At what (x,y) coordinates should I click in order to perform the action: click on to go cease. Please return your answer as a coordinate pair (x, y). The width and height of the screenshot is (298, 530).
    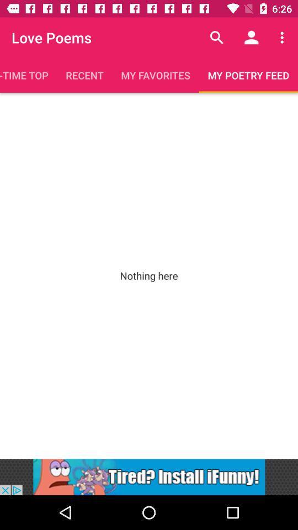
    Looking at the image, I should click on (149, 476).